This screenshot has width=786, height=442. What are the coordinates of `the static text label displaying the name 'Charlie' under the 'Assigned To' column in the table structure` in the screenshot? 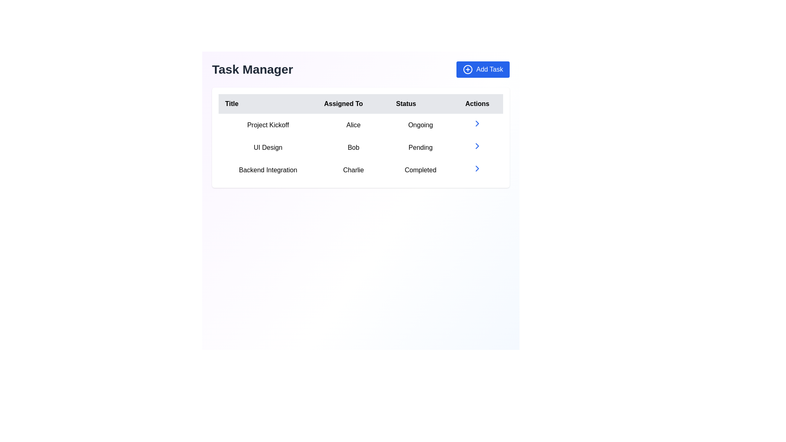 It's located at (353, 169).